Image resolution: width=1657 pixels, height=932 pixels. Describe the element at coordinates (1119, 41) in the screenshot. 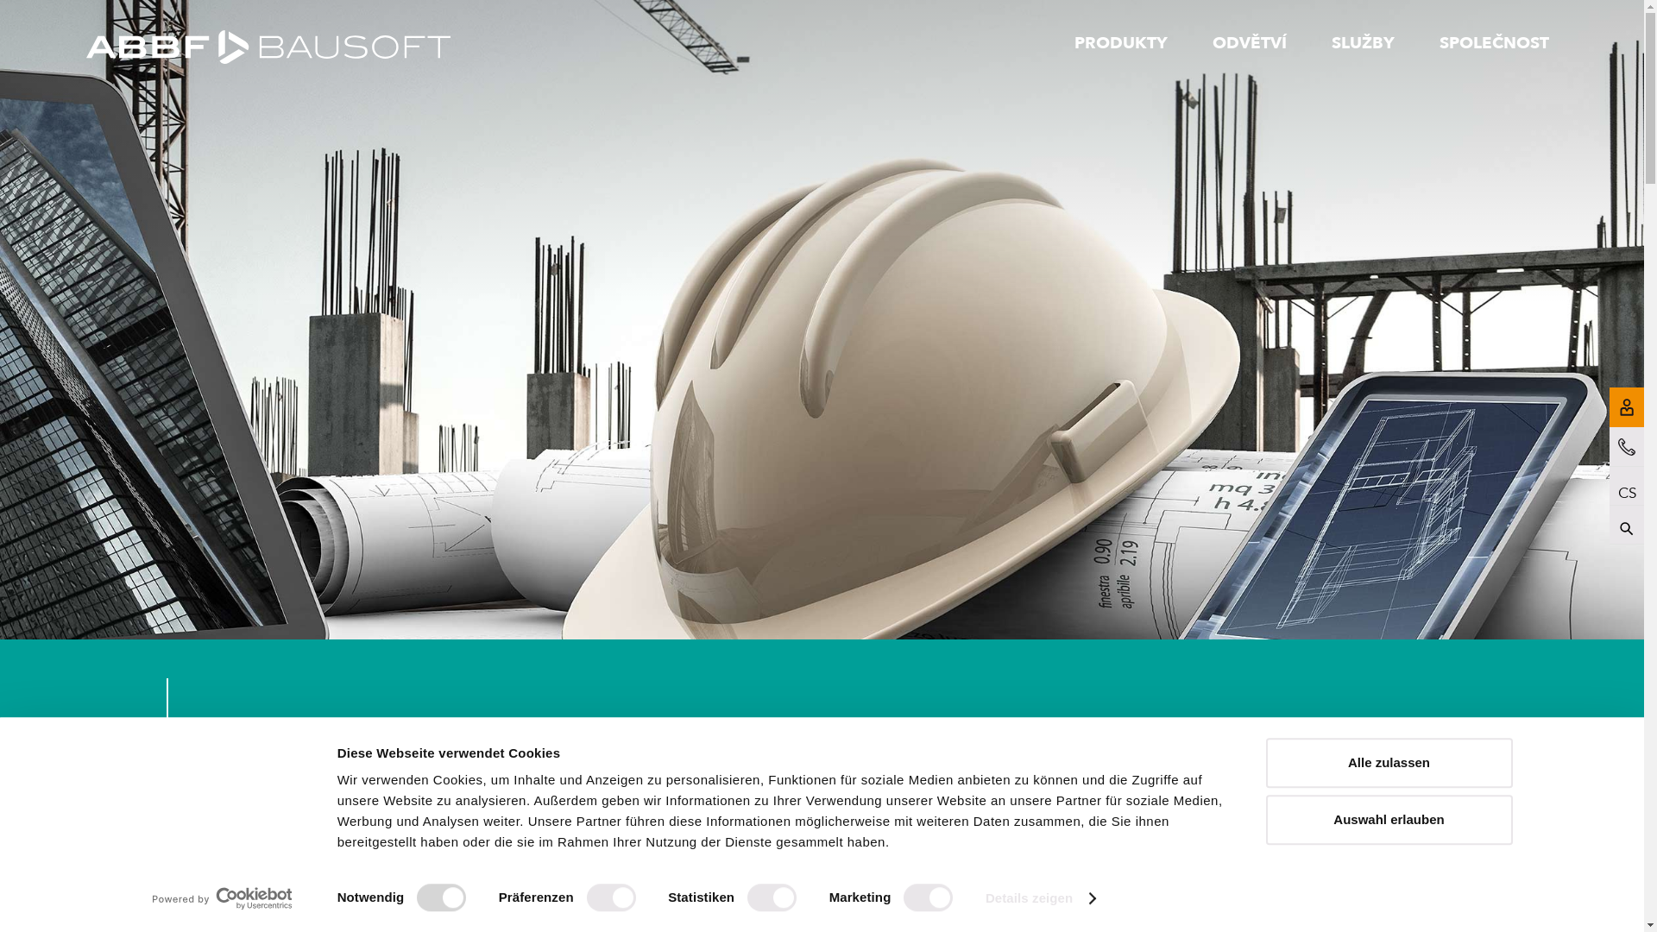

I see `'PRODUKTY'` at that location.